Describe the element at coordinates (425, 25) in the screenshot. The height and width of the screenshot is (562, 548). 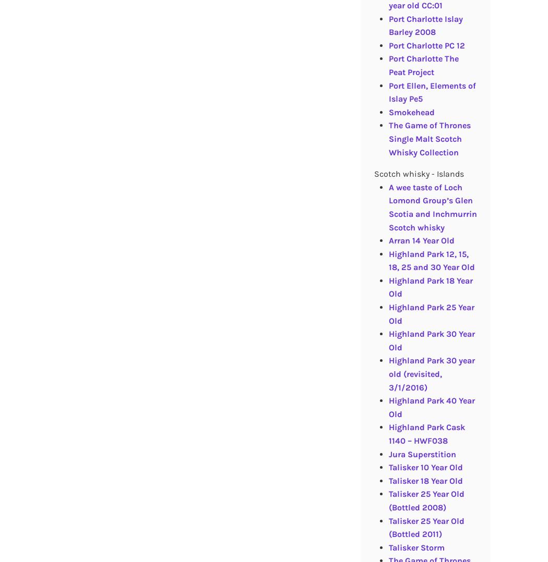
I see `'Port Charlotte Islay Barley 2008'` at that location.